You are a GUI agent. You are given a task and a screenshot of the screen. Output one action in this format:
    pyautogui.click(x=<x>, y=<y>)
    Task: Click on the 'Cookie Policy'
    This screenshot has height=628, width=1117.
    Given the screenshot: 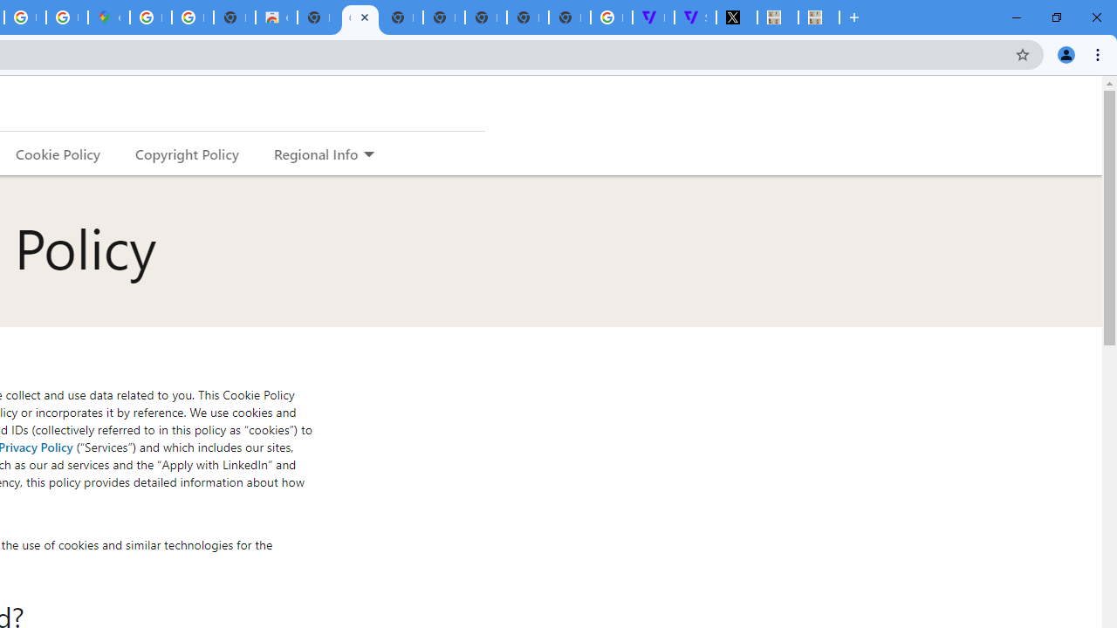 What is the action you would take?
    pyautogui.click(x=58, y=153)
    